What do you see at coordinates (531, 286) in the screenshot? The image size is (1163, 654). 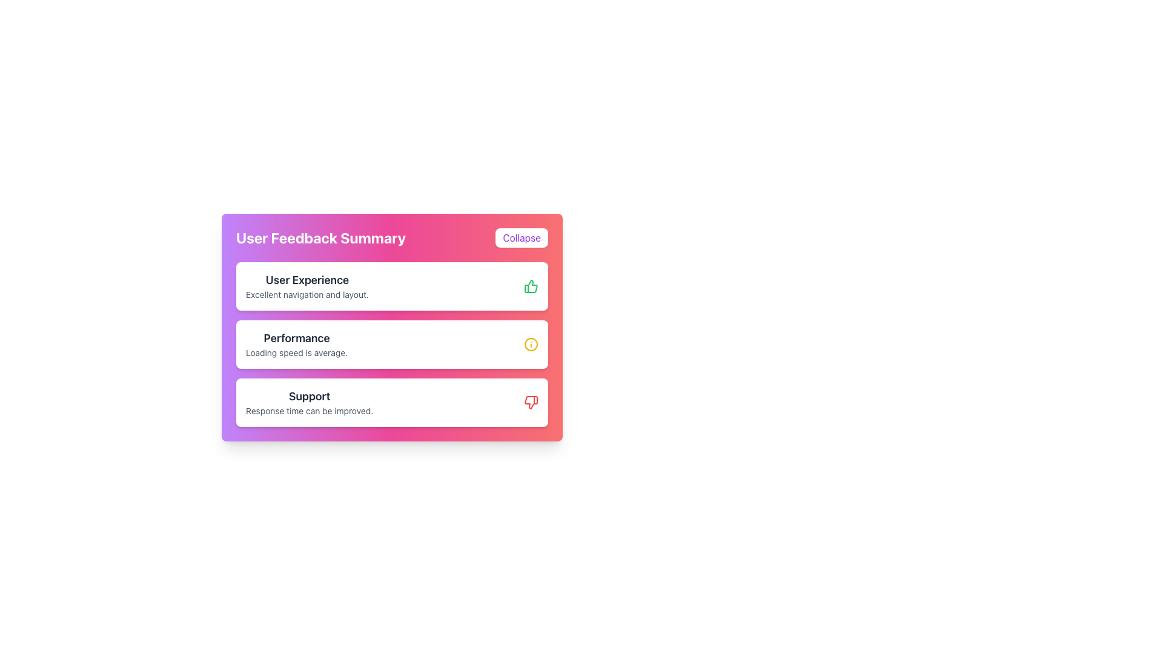 I see `the white thumb-up icon with a thick green outline located in the rightmost section of the 'User Experience' card to acknowledge the feedback` at bounding box center [531, 286].